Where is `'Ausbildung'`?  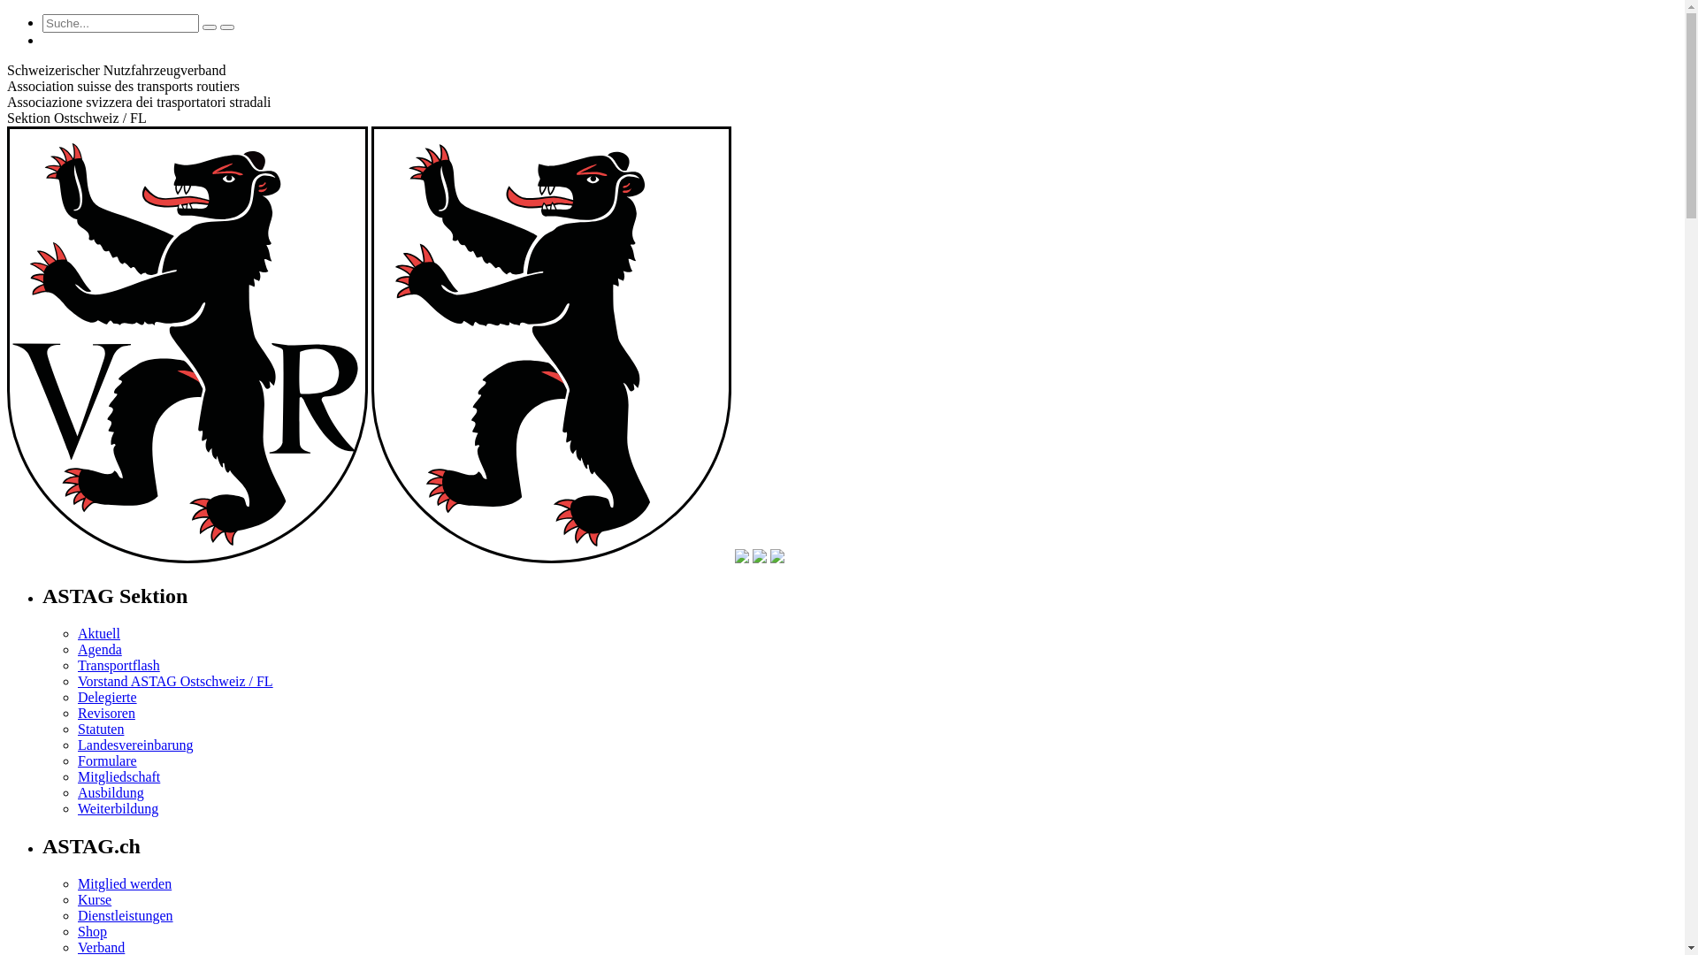
'Ausbildung' is located at coordinates (76, 791).